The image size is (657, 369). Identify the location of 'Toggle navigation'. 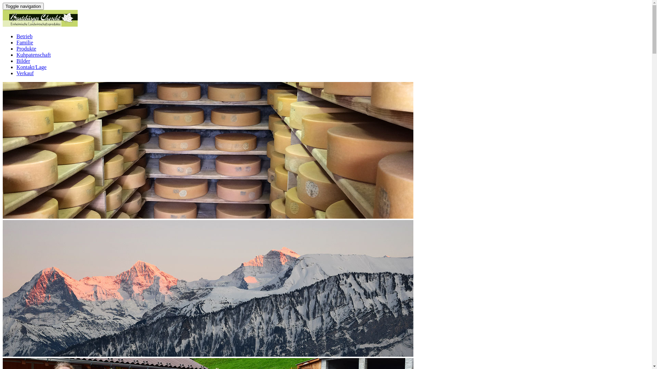
(23, 6).